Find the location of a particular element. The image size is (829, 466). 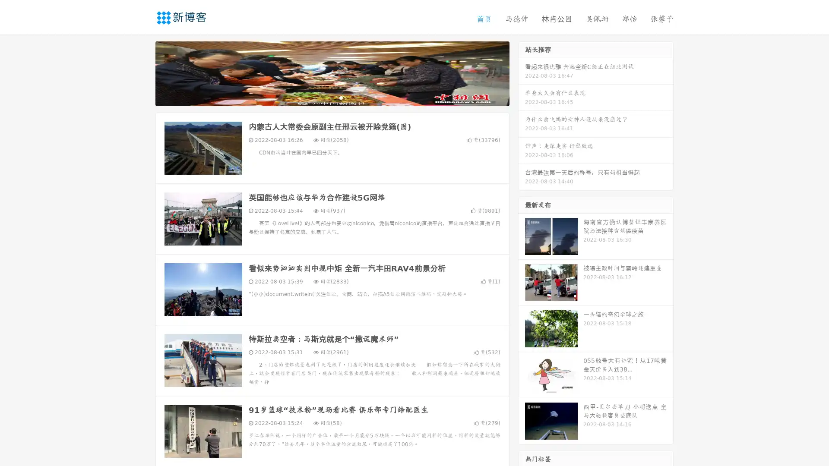

Go to slide 2 is located at coordinates (332, 97).